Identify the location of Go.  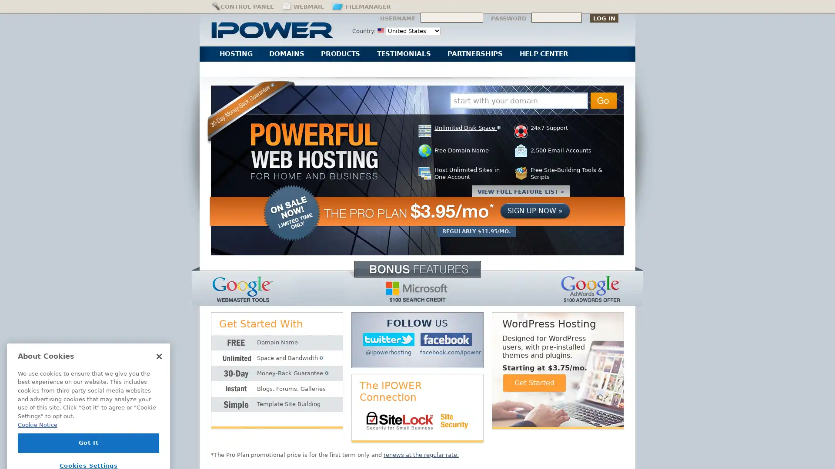
(603, 100).